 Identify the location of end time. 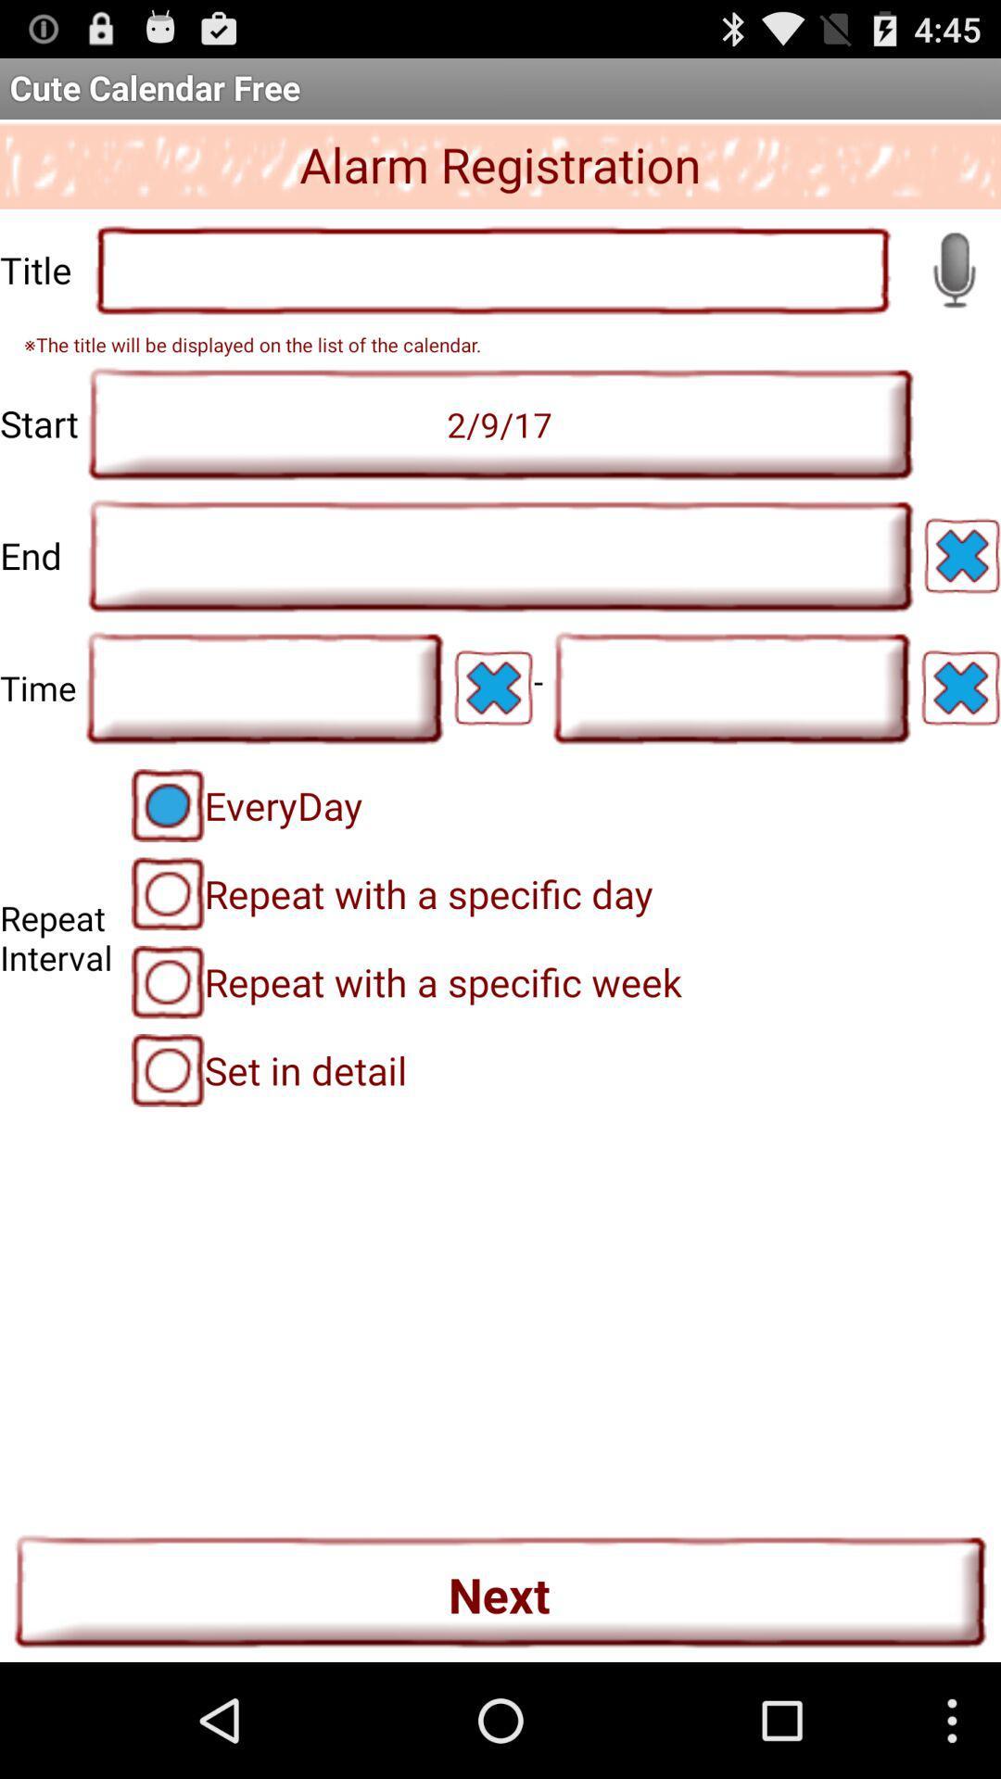
(500, 555).